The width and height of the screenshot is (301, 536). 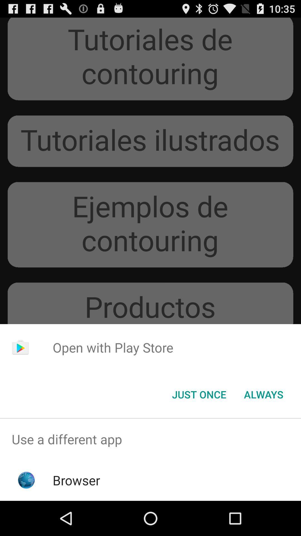 I want to click on icon below the open with play app, so click(x=263, y=394).